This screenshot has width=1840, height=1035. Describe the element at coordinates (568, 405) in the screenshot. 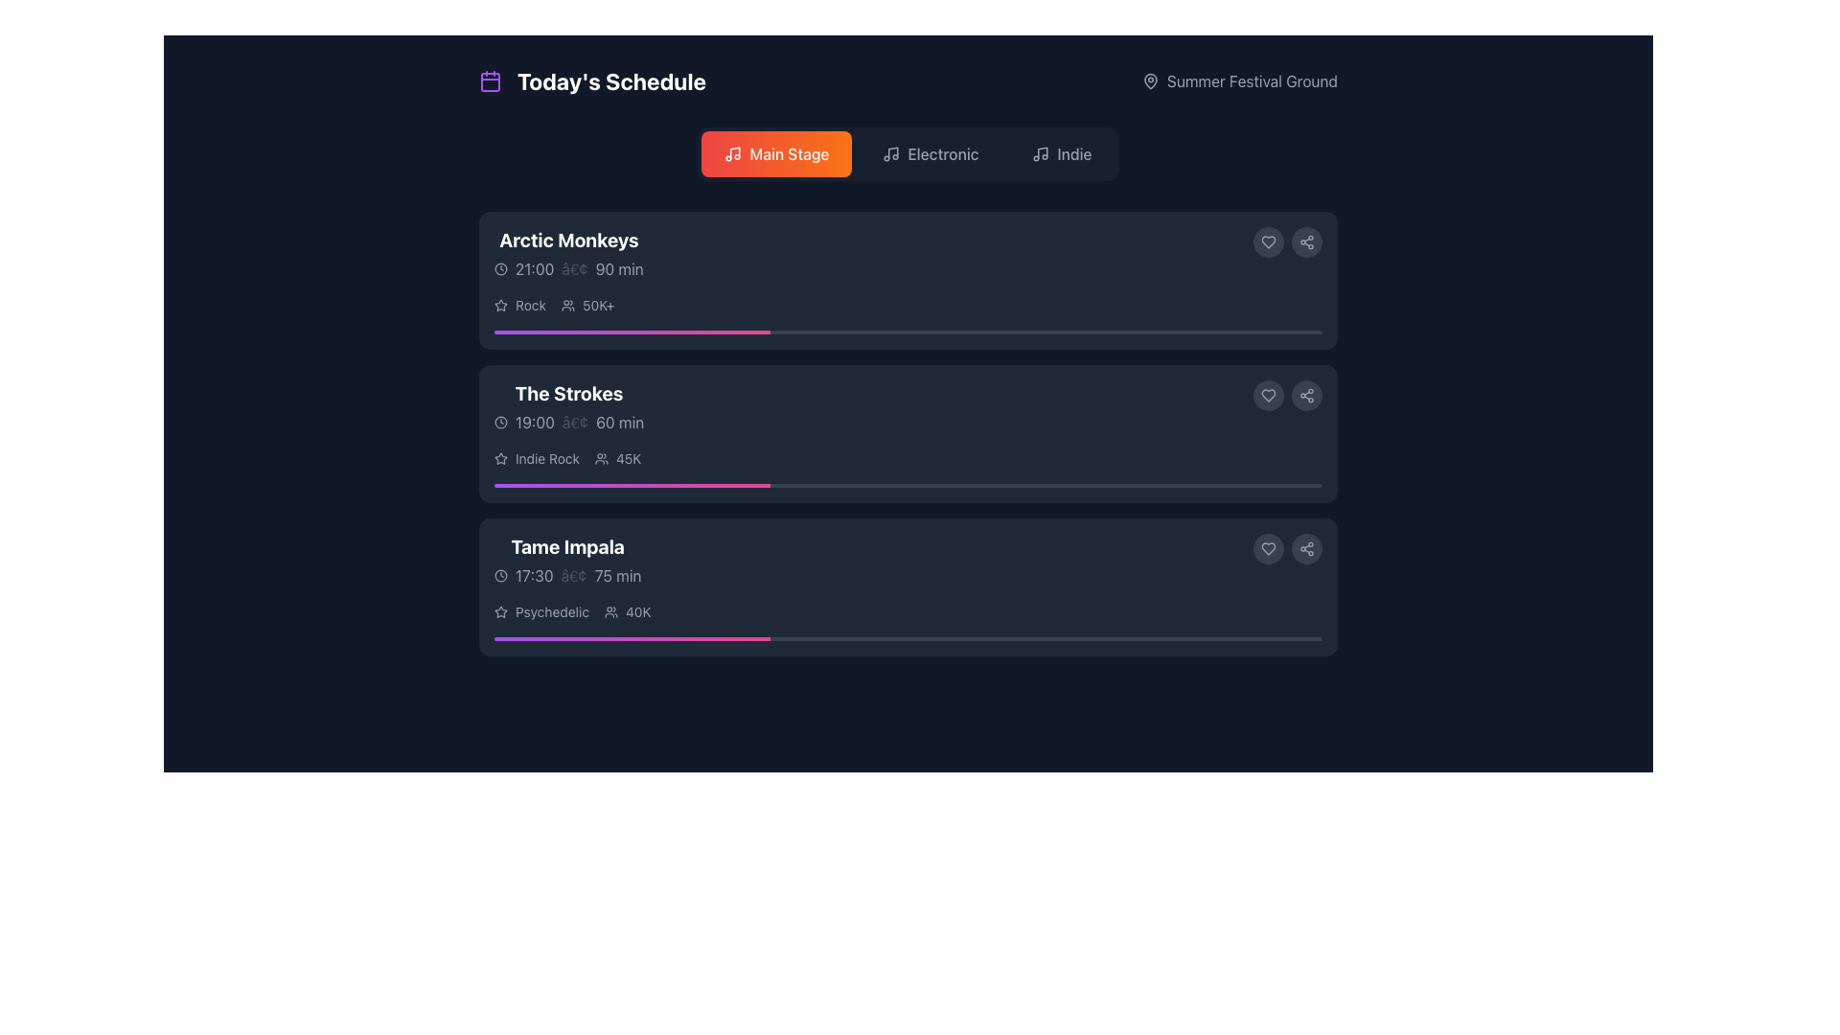

I see `the text display element that shows event information for 'The Strokes', which includes the details '19:00 â€¢ 60 min'` at that location.